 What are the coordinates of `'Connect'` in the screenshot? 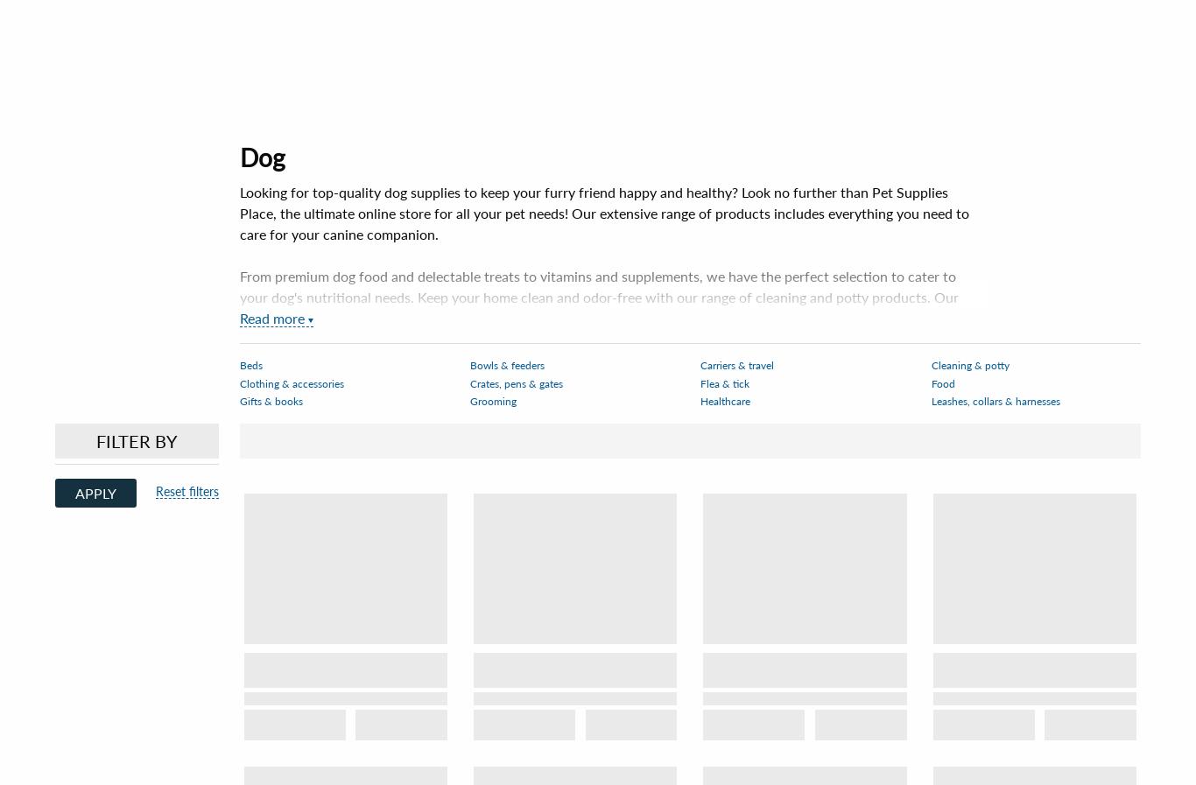 It's located at (735, 647).